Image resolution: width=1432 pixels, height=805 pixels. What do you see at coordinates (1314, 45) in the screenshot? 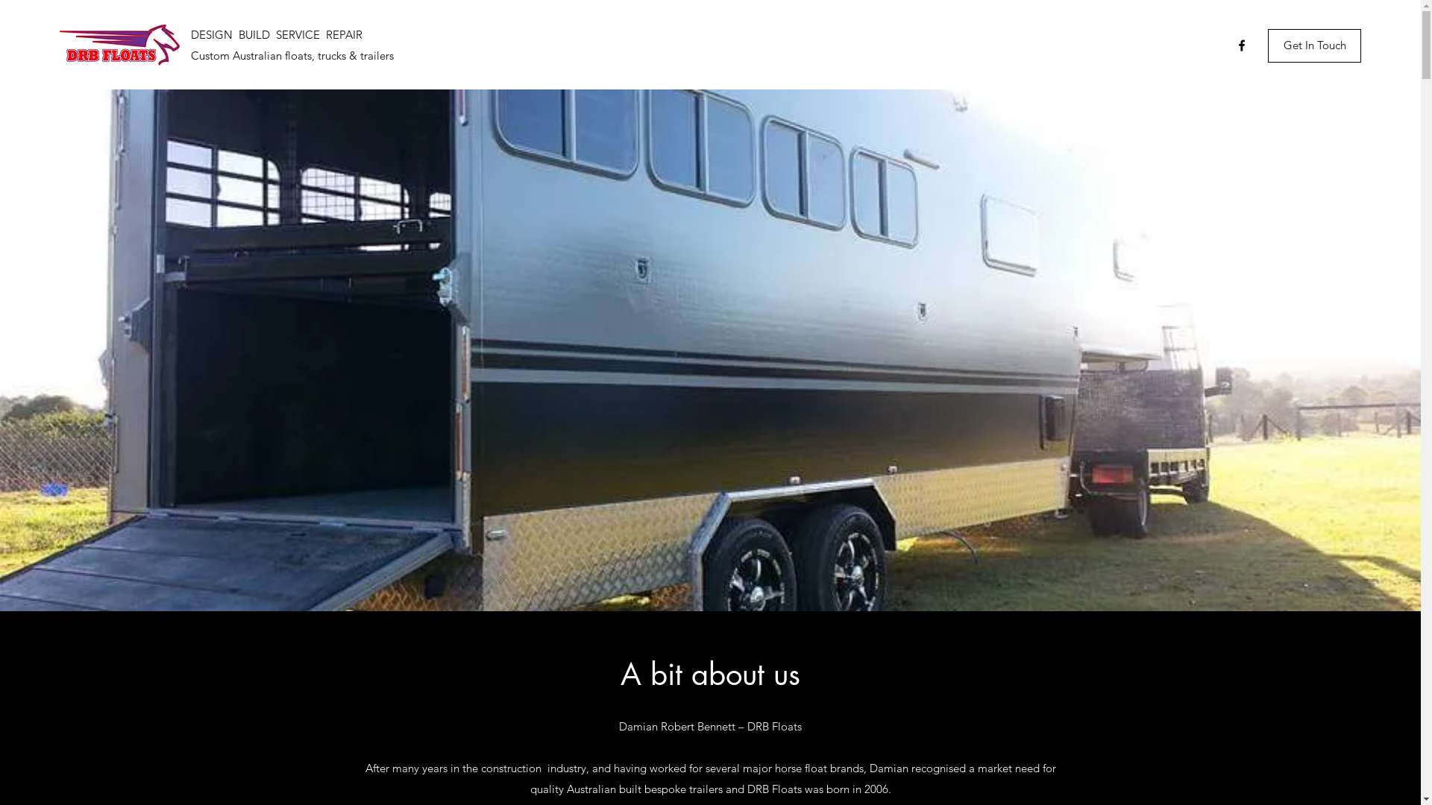
I see `'Get In Touch'` at bounding box center [1314, 45].